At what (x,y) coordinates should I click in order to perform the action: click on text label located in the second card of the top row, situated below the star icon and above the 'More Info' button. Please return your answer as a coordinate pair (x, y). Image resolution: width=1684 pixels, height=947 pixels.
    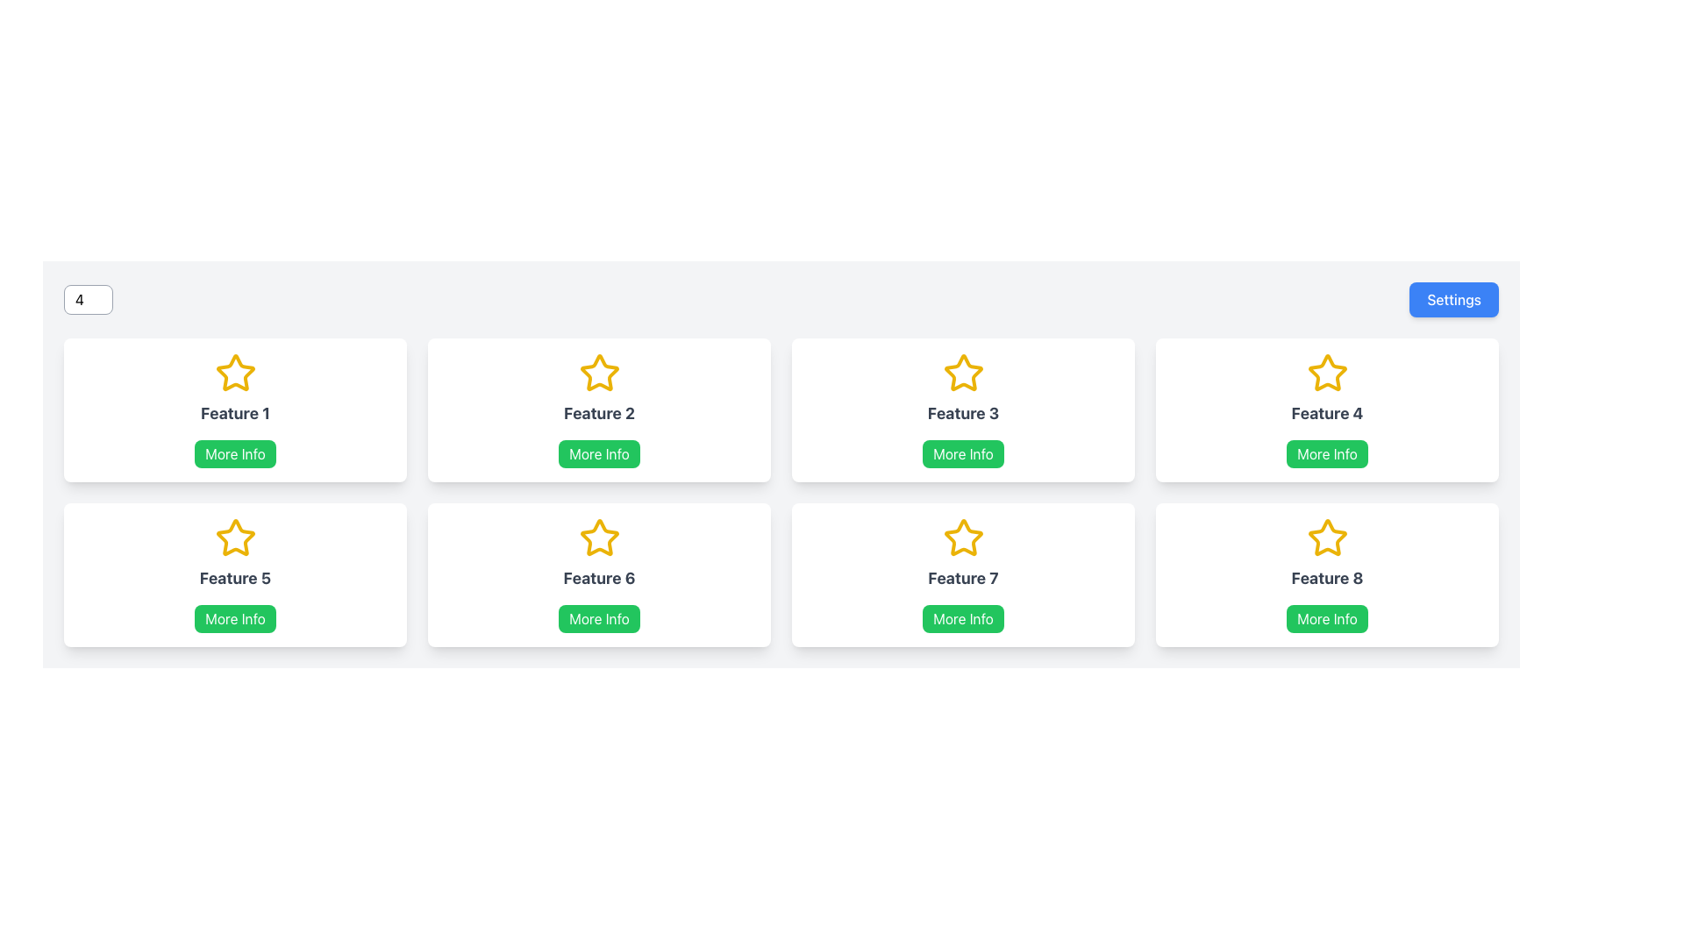
    Looking at the image, I should click on (599, 413).